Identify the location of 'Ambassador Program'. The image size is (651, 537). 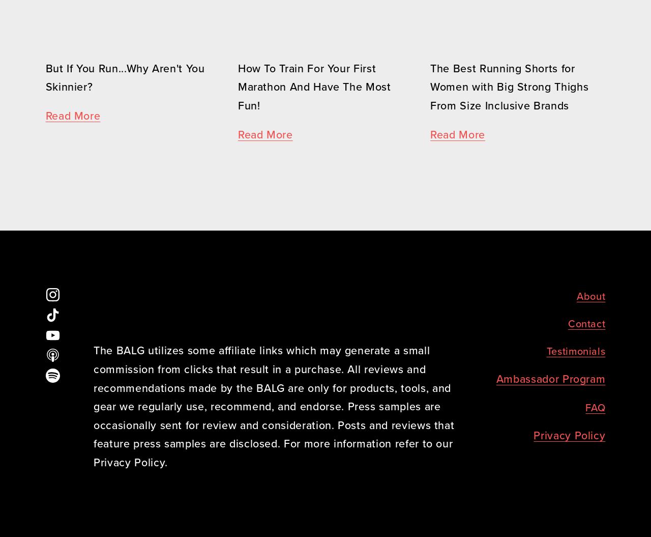
(550, 379).